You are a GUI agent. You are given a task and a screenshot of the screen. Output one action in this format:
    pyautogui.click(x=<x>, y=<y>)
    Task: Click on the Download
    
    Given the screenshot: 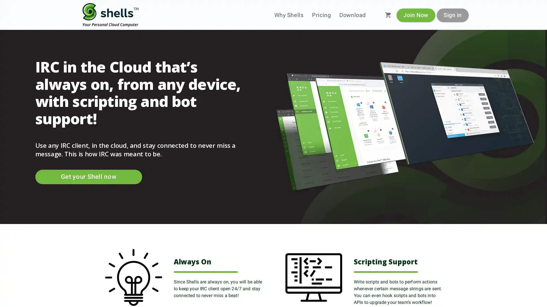 What is the action you would take?
    pyautogui.click(x=352, y=15)
    